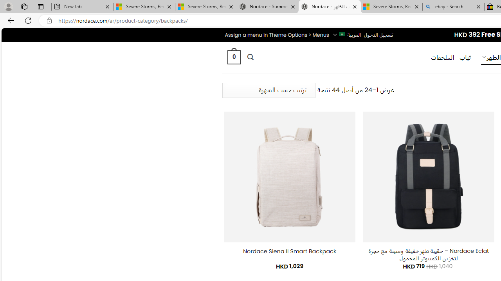 This screenshot has width=501, height=281. What do you see at coordinates (277, 34) in the screenshot?
I see `'Assign a menu in Theme Options > Menus'` at bounding box center [277, 34].